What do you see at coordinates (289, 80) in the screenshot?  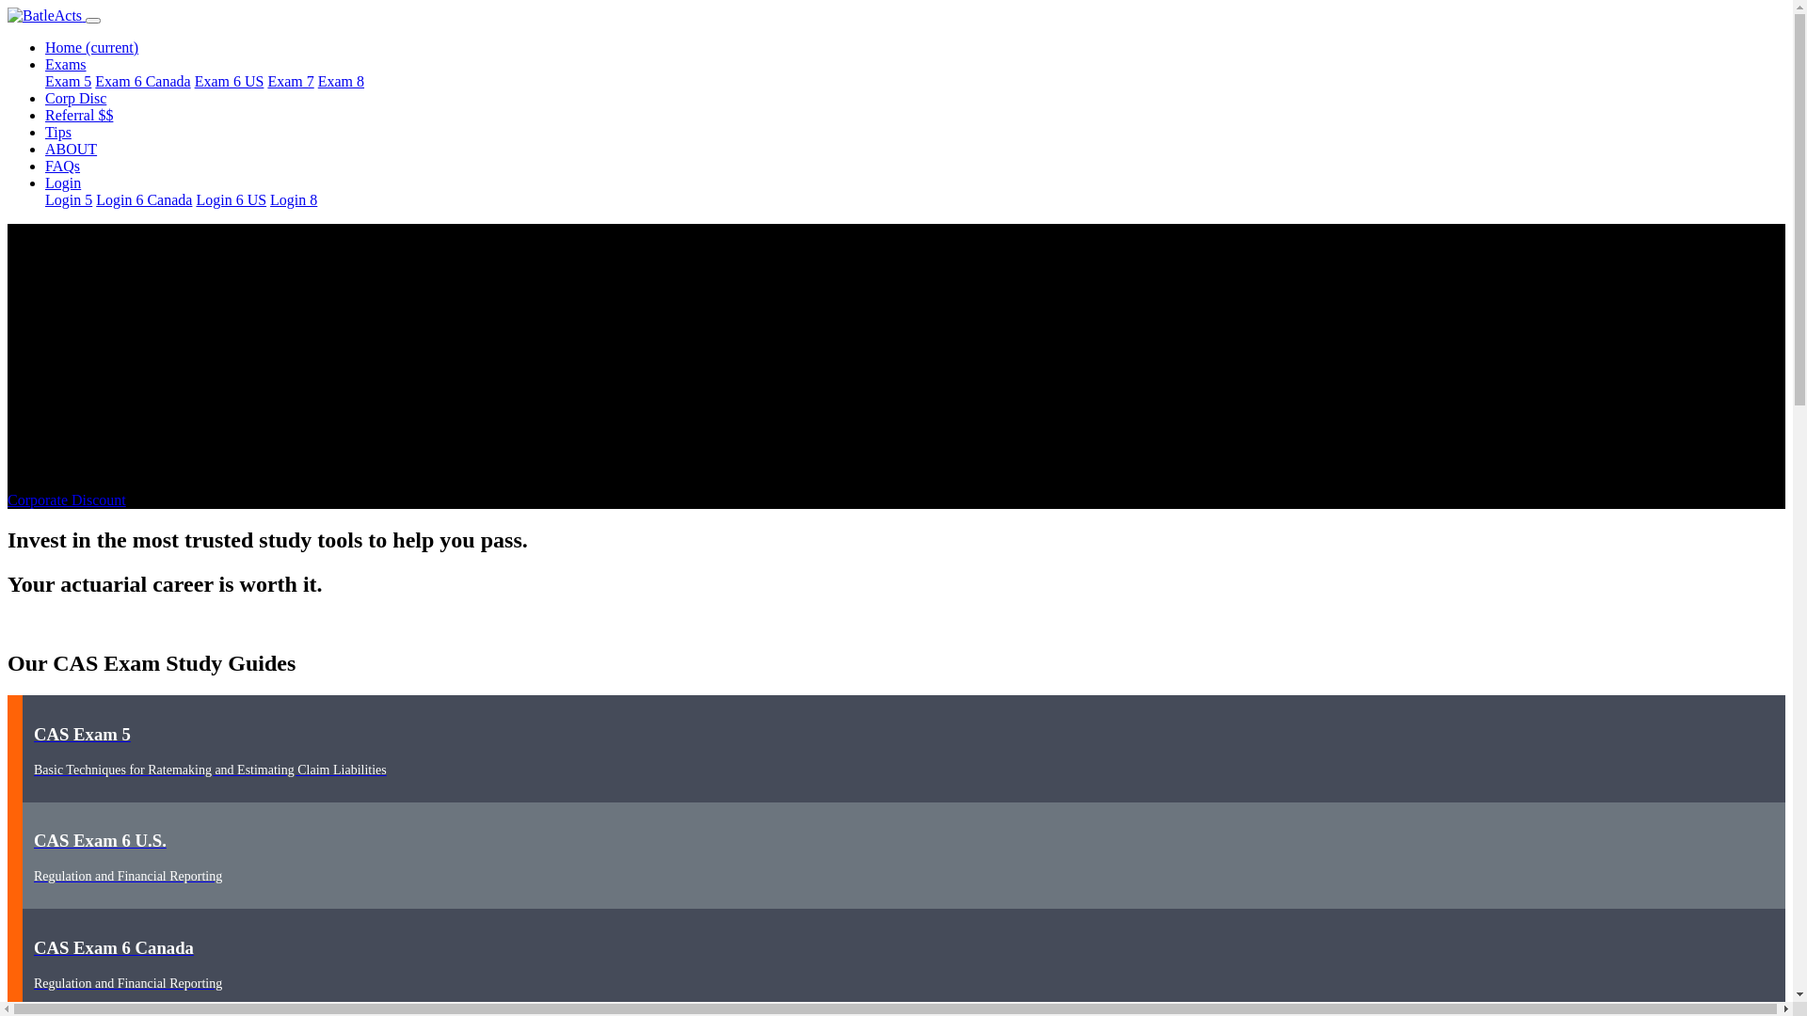 I see `'Exam 7'` at bounding box center [289, 80].